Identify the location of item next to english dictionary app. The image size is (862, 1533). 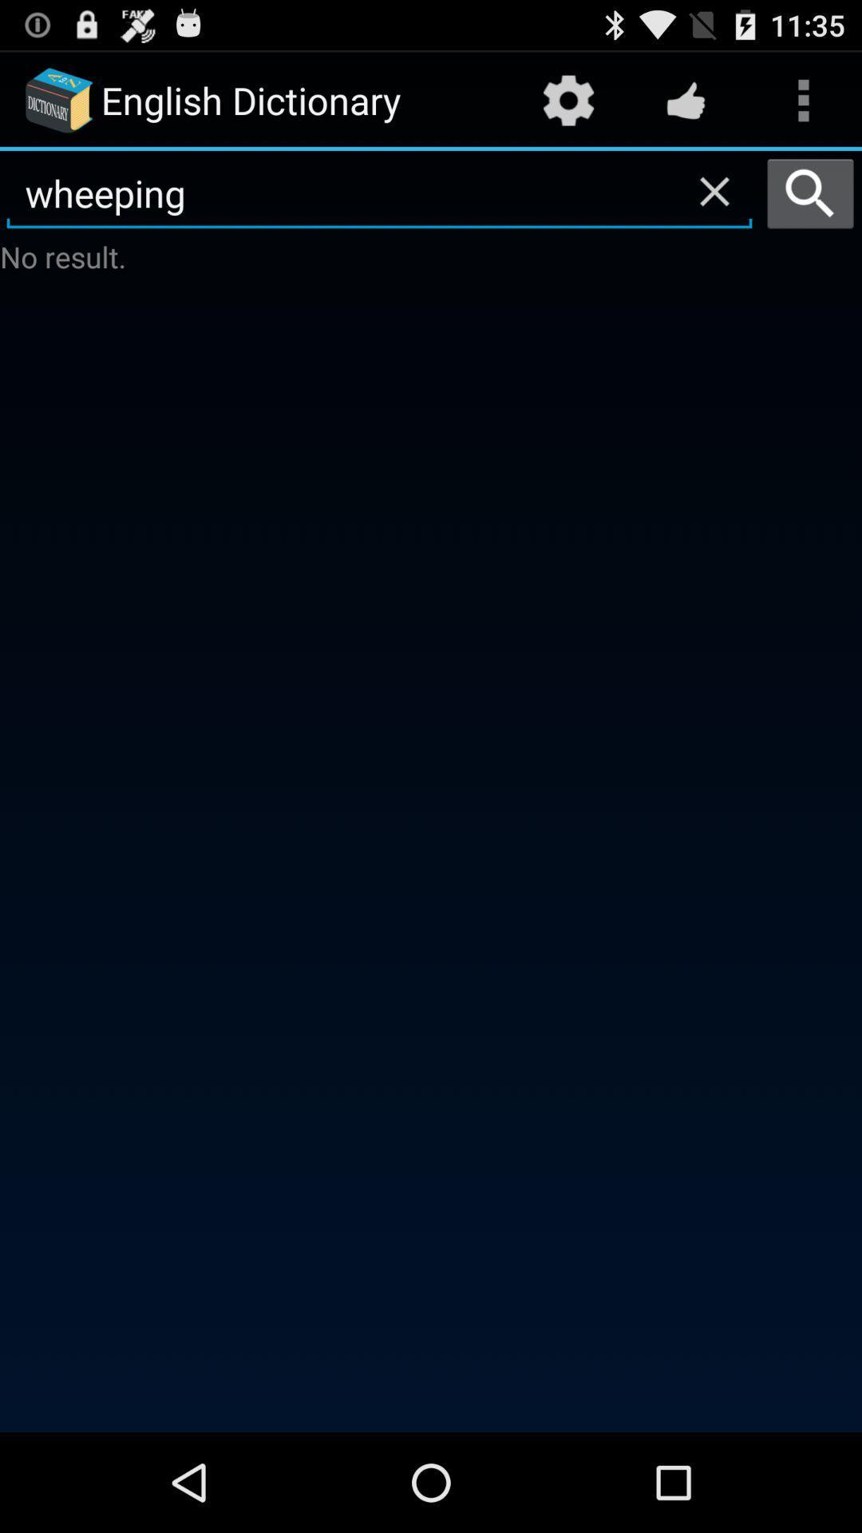
(567, 99).